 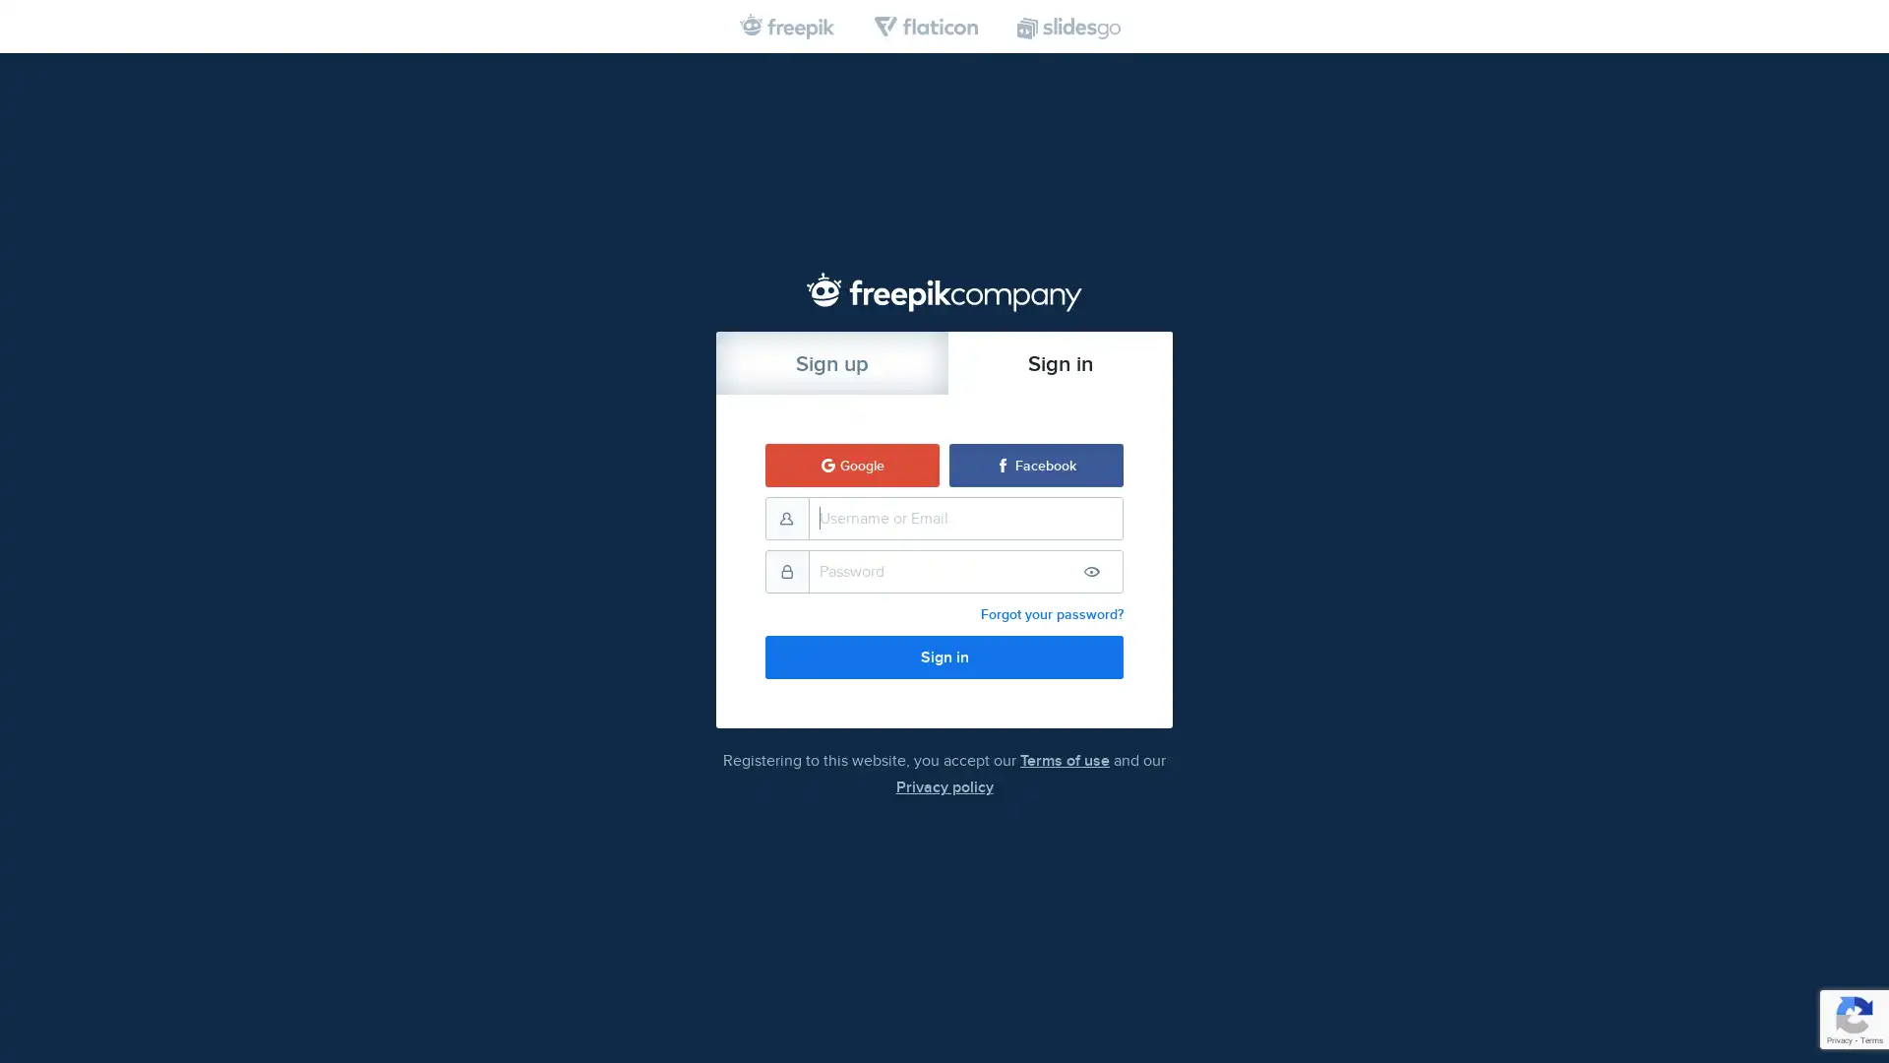 What do you see at coordinates (852, 464) in the screenshot?
I see `Google` at bounding box center [852, 464].